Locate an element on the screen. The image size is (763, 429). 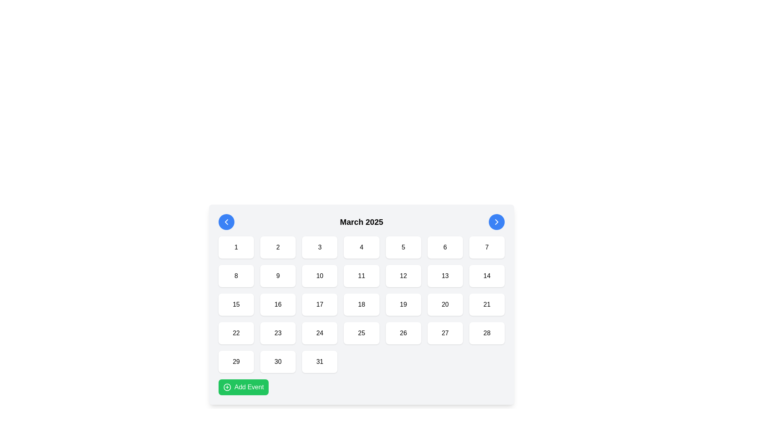
the button representing the day '17' in the calendar view is located at coordinates (320, 304).